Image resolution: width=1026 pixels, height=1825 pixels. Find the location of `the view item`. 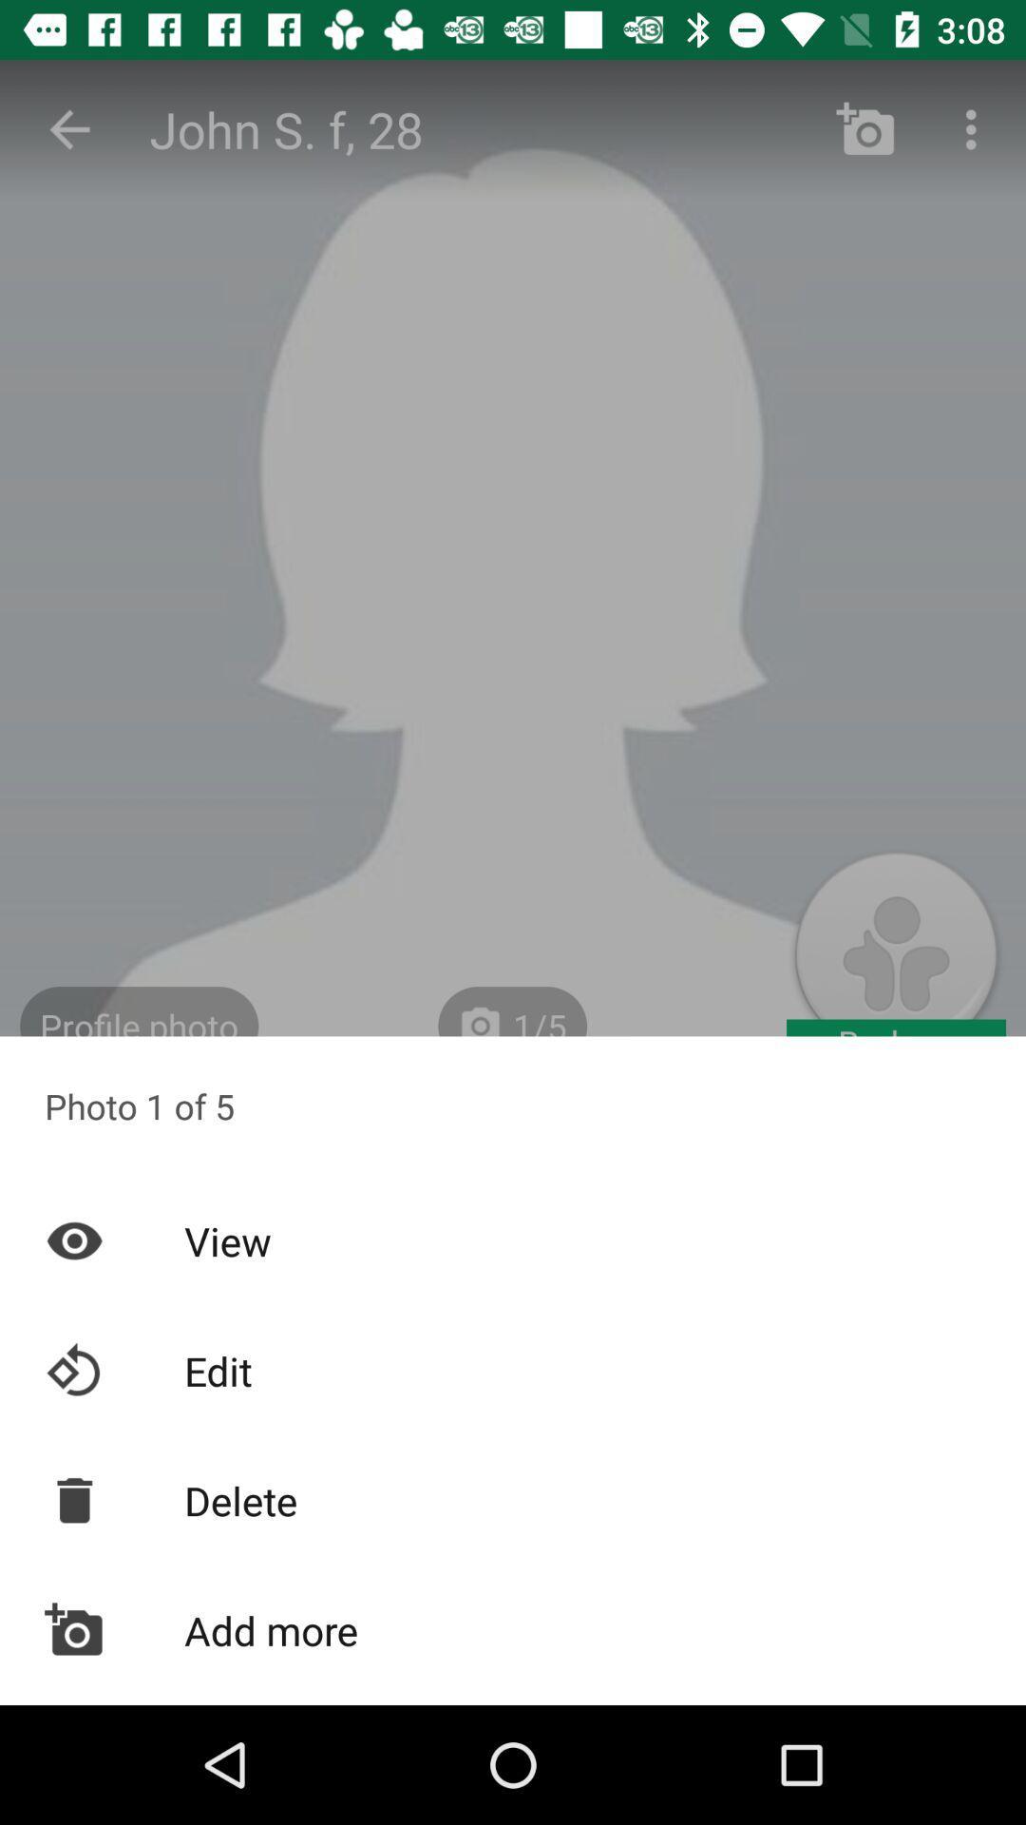

the view item is located at coordinates (513, 1240).